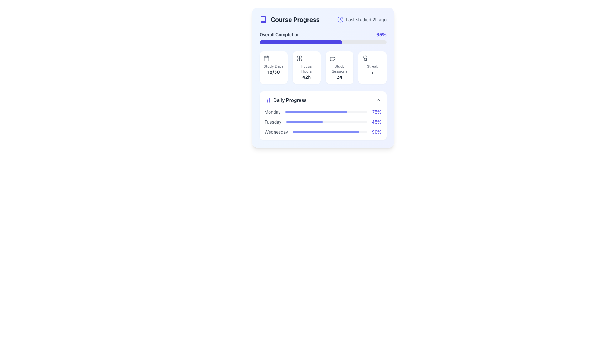  I want to click on the 'Study Sessions' icon located in the top section of the dashboard card, specifically in the third column, above the text 'Study Sessions', so click(332, 58).